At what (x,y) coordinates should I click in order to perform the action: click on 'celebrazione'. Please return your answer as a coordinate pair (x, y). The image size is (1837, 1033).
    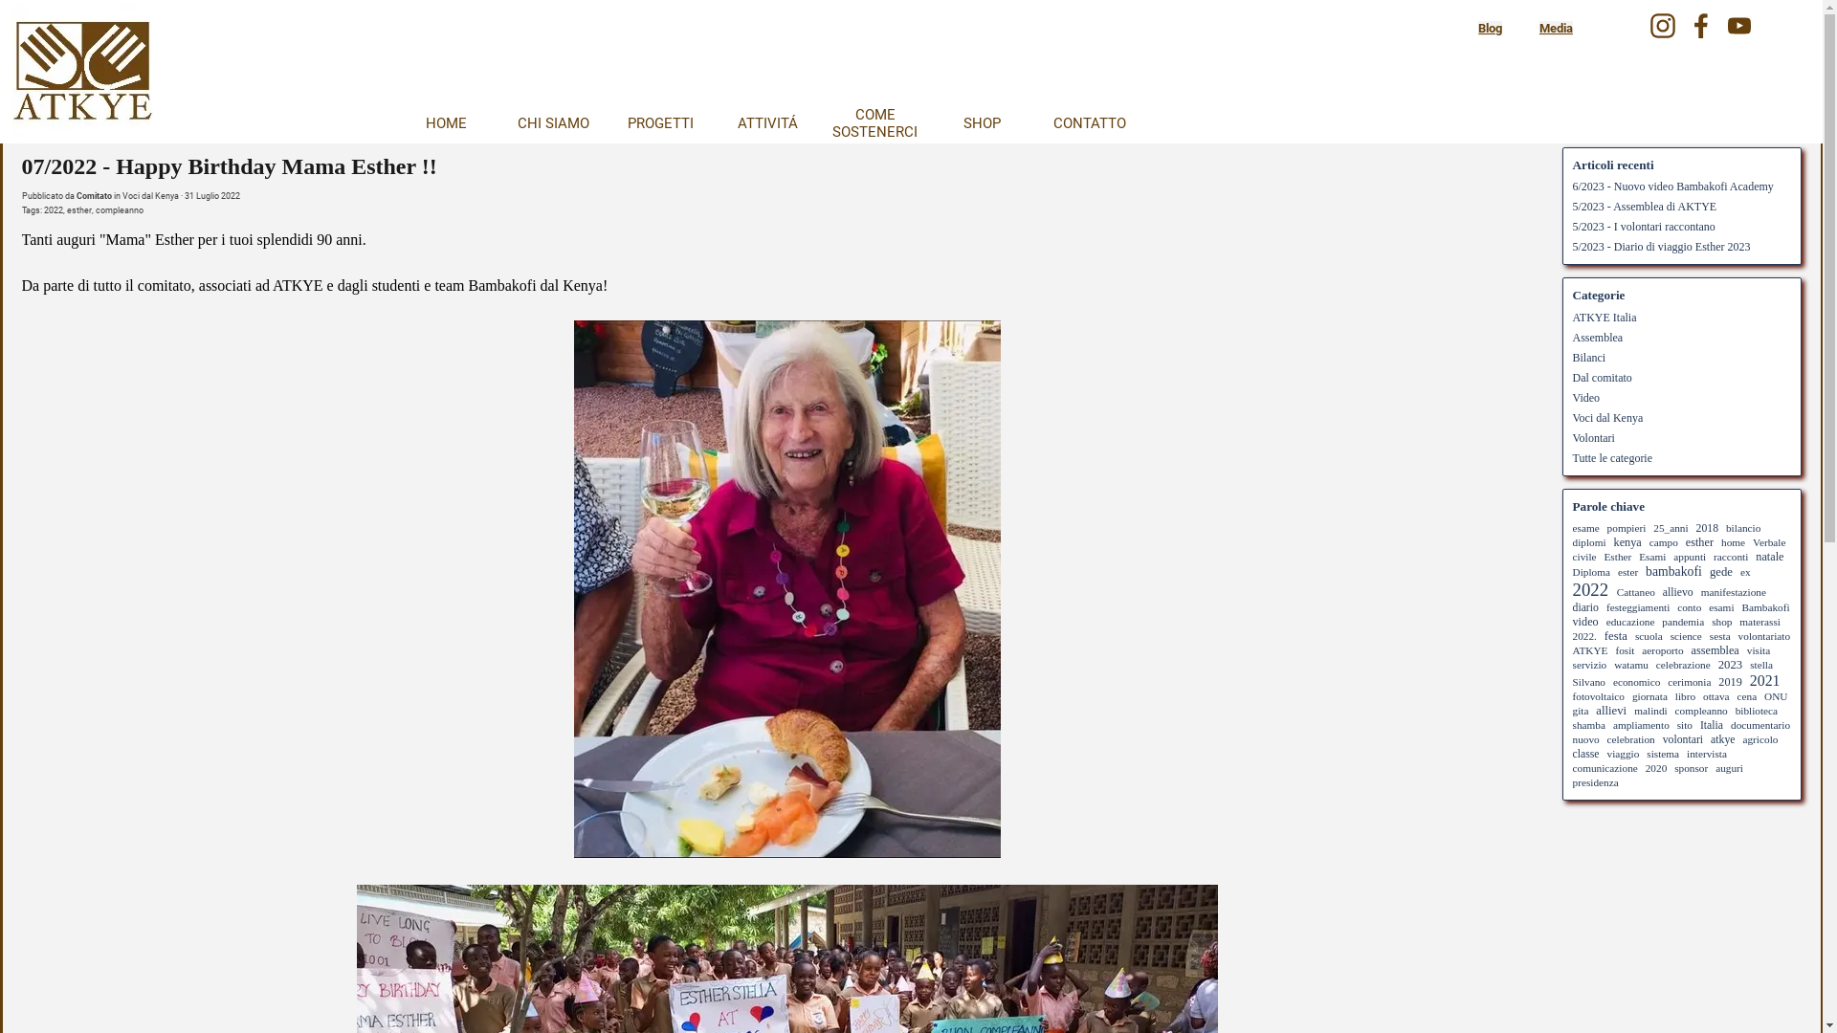
    Looking at the image, I should click on (1682, 663).